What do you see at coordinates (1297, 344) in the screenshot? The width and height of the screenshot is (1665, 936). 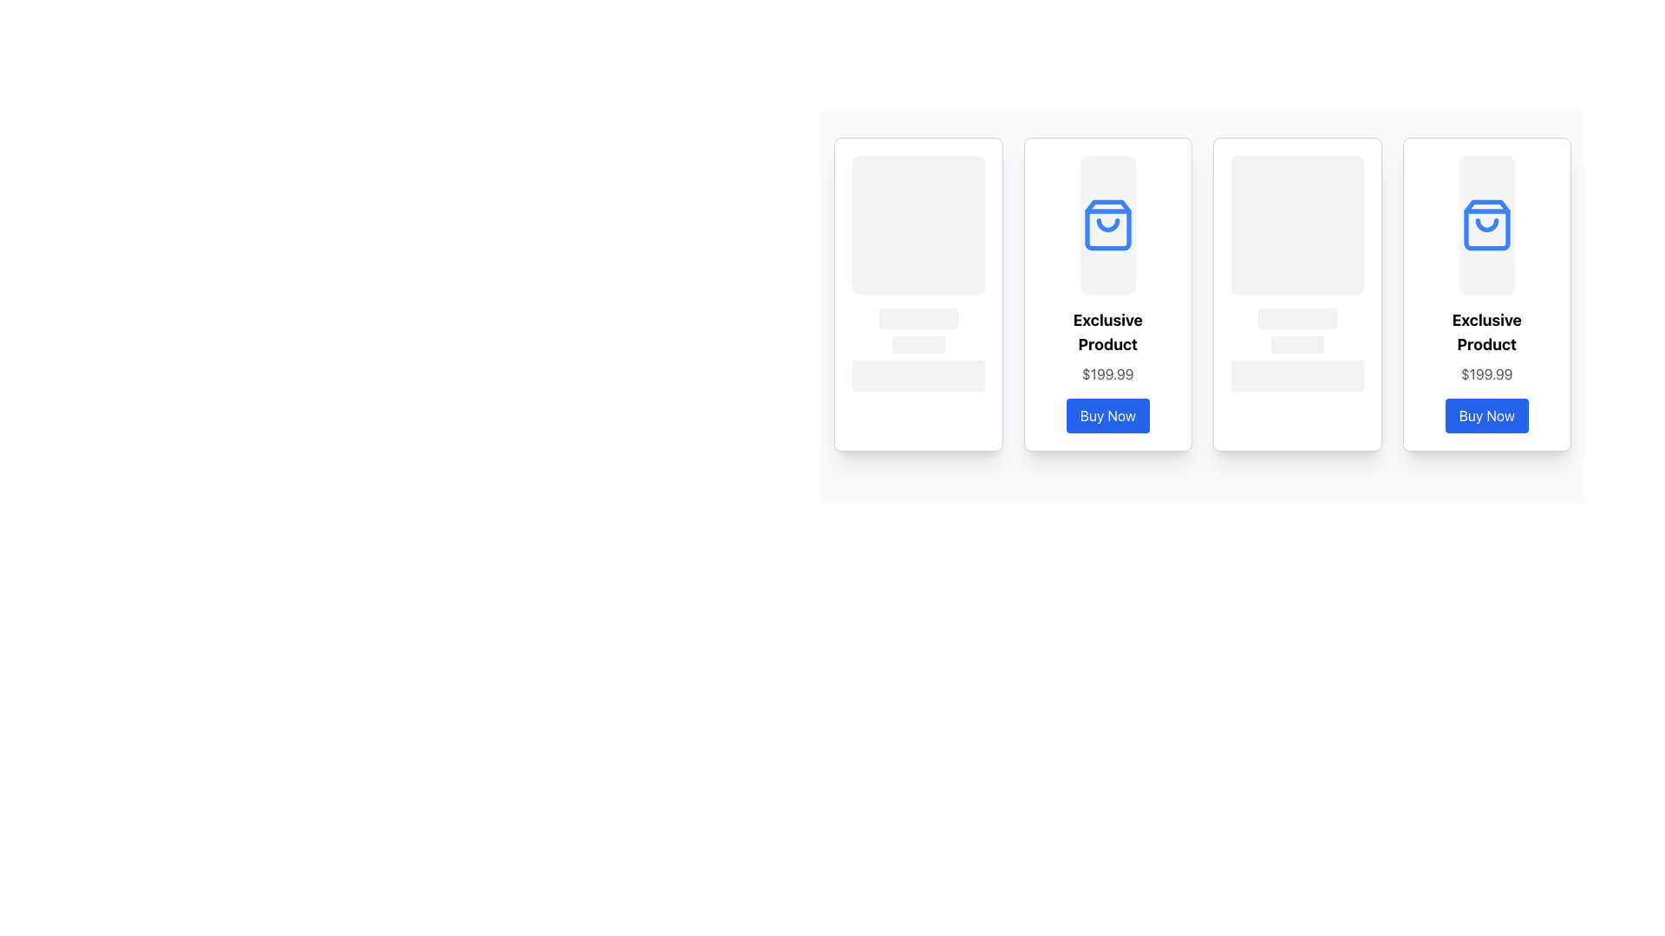 I see `the decorative progress bar located at the bottom of the third card in a four-card layout` at bounding box center [1297, 344].